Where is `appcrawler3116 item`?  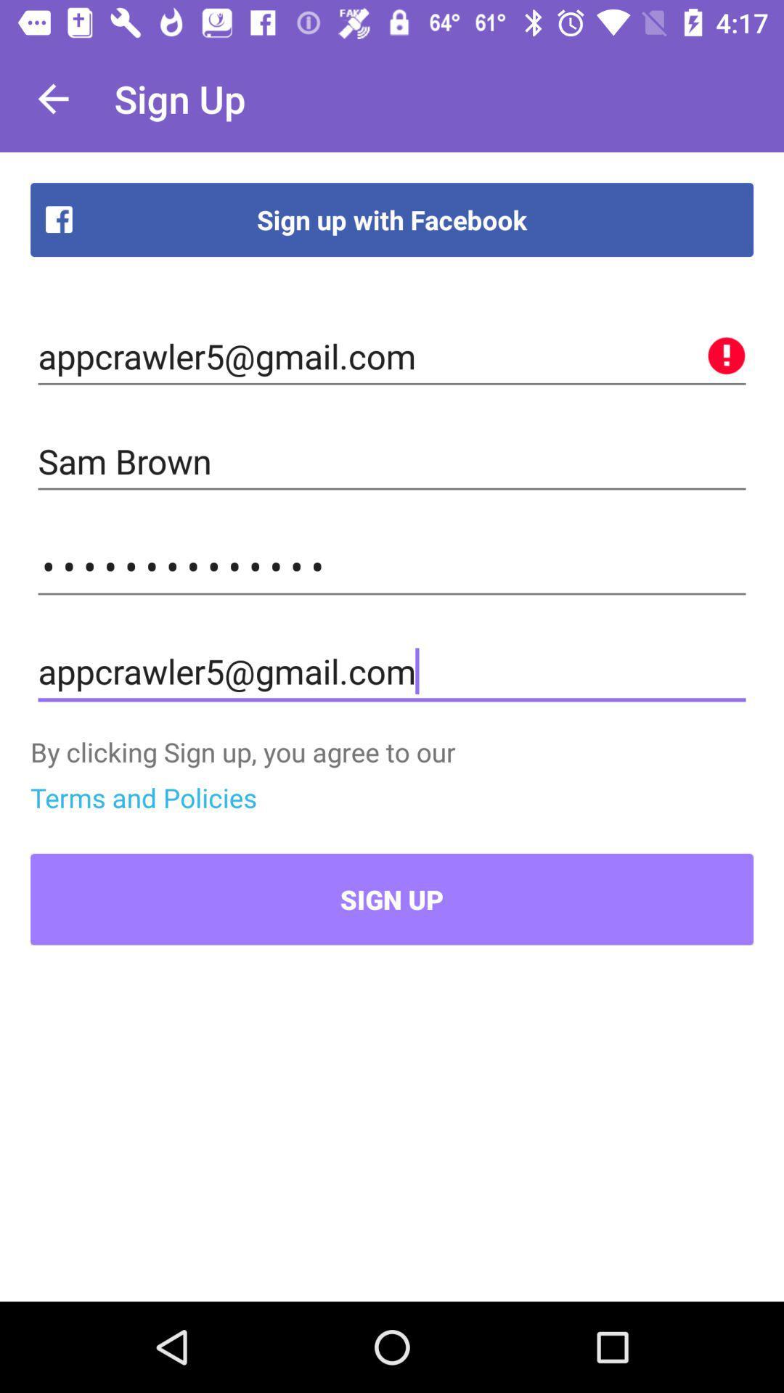 appcrawler3116 item is located at coordinates (392, 566).